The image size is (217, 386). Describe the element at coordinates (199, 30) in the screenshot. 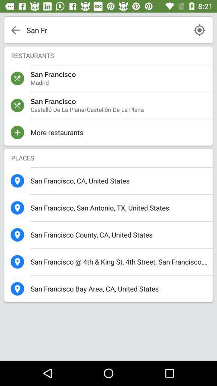

I see `search by current location` at that location.